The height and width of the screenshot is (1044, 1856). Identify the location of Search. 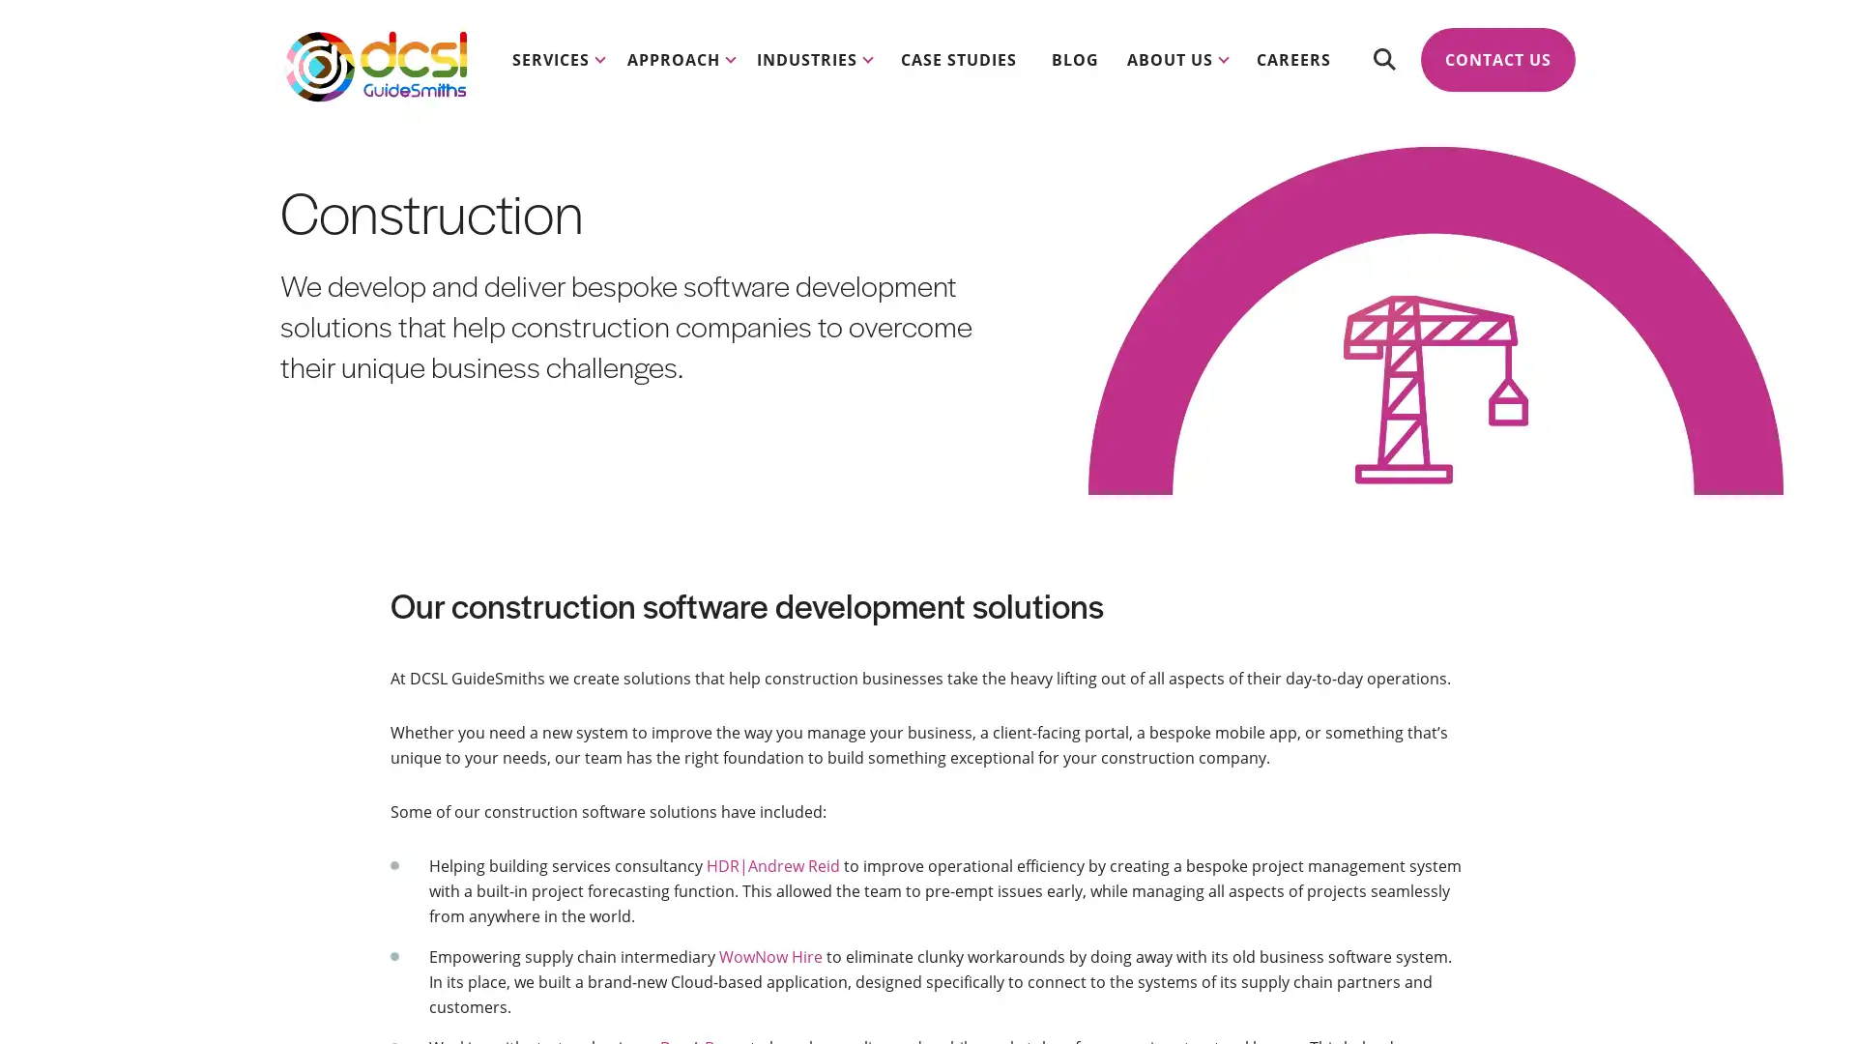
(1382, 58).